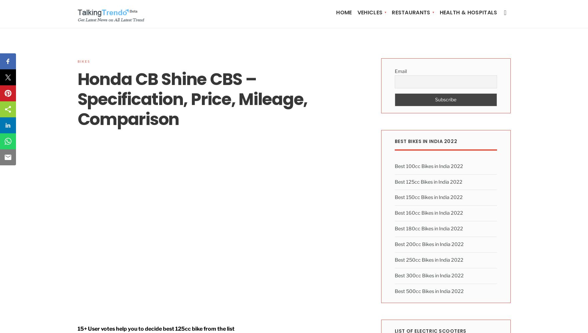 The height and width of the screenshot is (333, 588). Describe the element at coordinates (400, 71) in the screenshot. I see `'Email'` at that location.